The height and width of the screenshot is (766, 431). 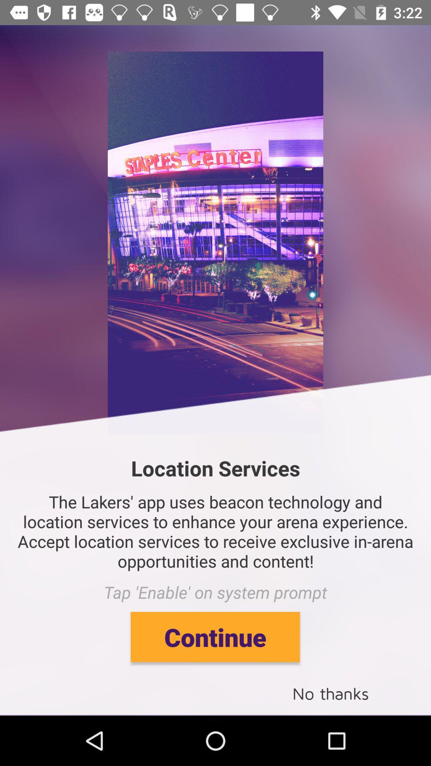 What do you see at coordinates (215, 636) in the screenshot?
I see `continue item` at bounding box center [215, 636].